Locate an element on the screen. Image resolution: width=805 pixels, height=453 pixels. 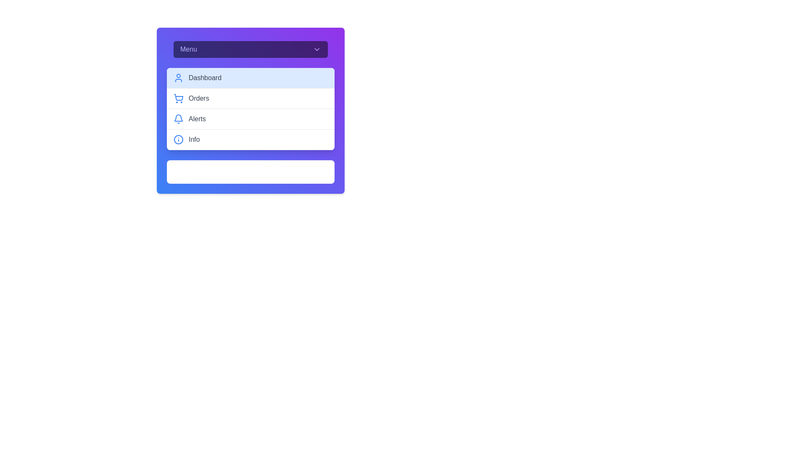
the informational icon located in the fourth row of the menu list, to the left of the text 'Info.' is located at coordinates (178, 139).